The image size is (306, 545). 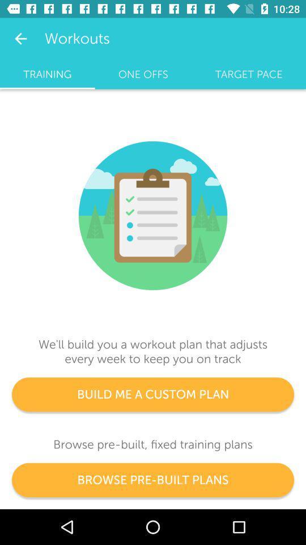 I want to click on the target pace item, so click(x=248, y=74).